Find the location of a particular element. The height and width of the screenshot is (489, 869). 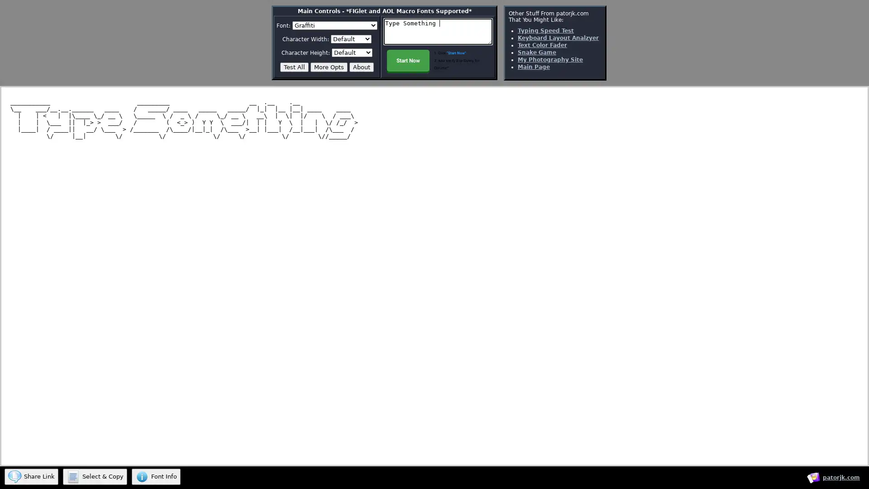

Font Info is located at coordinates (156, 476).